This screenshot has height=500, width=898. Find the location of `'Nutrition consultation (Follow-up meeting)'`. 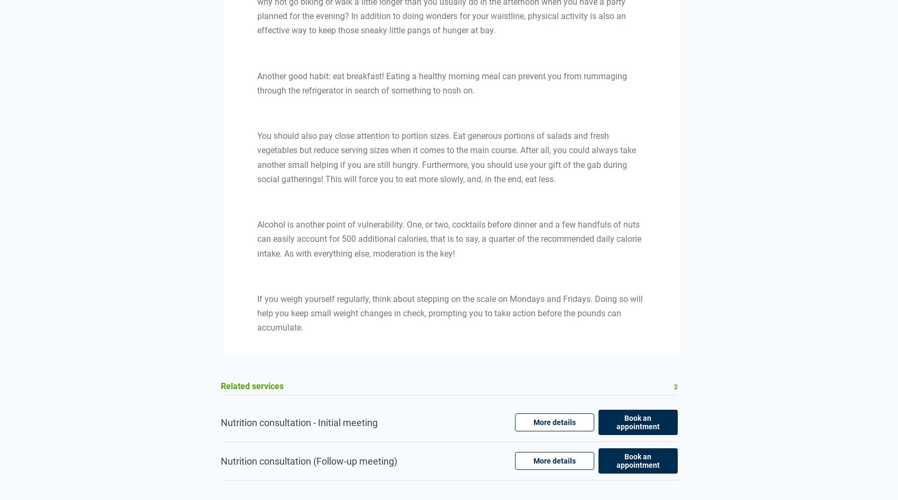

'Nutrition consultation (Follow-up meeting)' is located at coordinates (220, 460).